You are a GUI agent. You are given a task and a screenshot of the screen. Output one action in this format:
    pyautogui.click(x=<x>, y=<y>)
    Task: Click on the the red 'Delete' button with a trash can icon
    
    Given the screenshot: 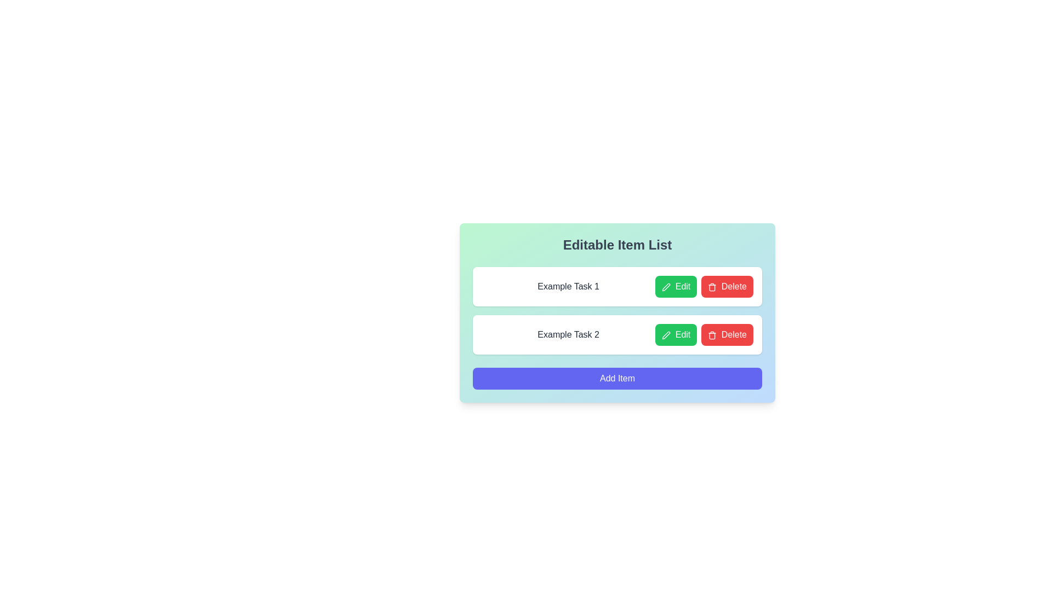 What is the action you would take?
    pyautogui.click(x=727, y=286)
    